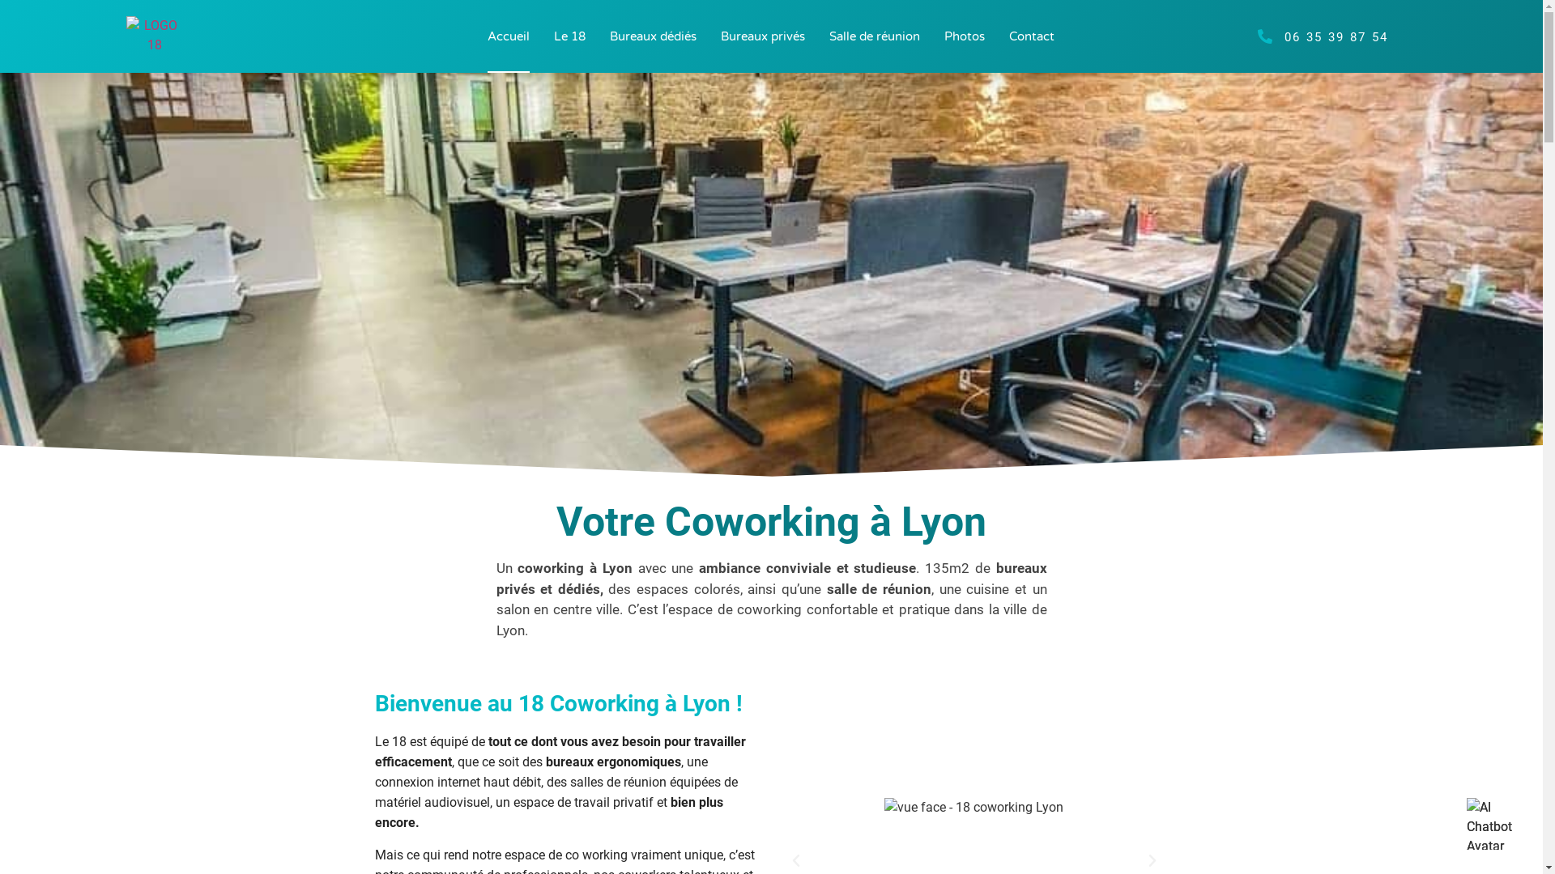 The image size is (1555, 874). Describe the element at coordinates (1008, 36) in the screenshot. I see `'Contact'` at that location.